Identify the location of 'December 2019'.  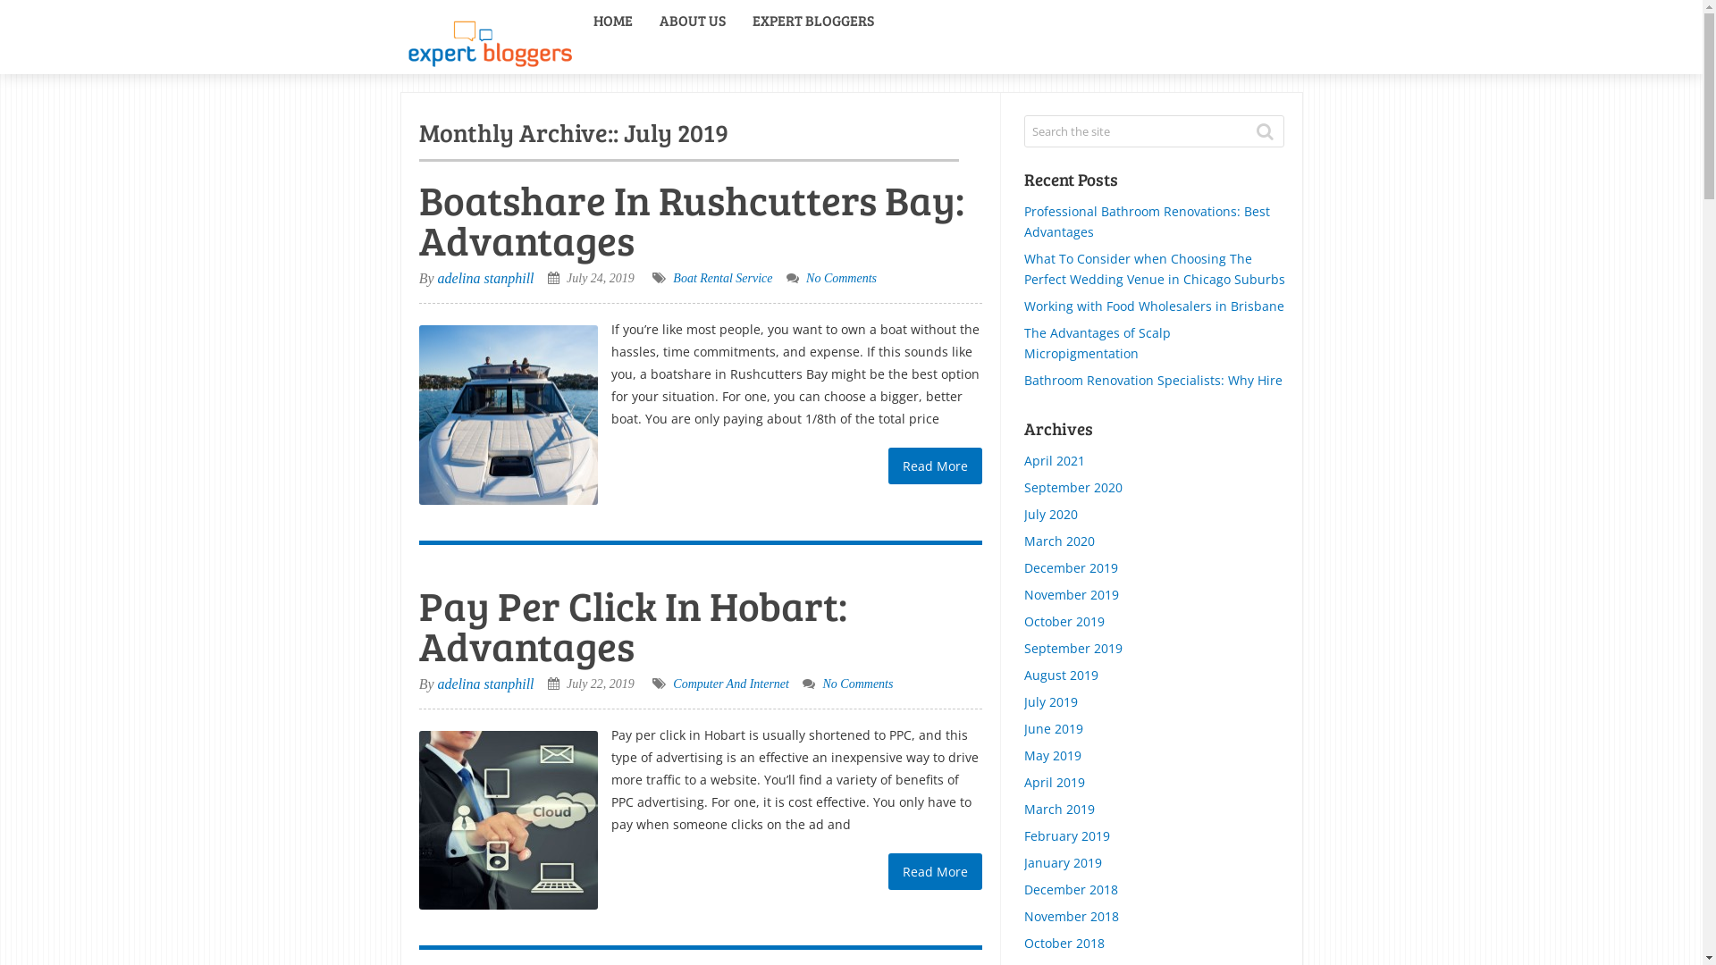
(1071, 567).